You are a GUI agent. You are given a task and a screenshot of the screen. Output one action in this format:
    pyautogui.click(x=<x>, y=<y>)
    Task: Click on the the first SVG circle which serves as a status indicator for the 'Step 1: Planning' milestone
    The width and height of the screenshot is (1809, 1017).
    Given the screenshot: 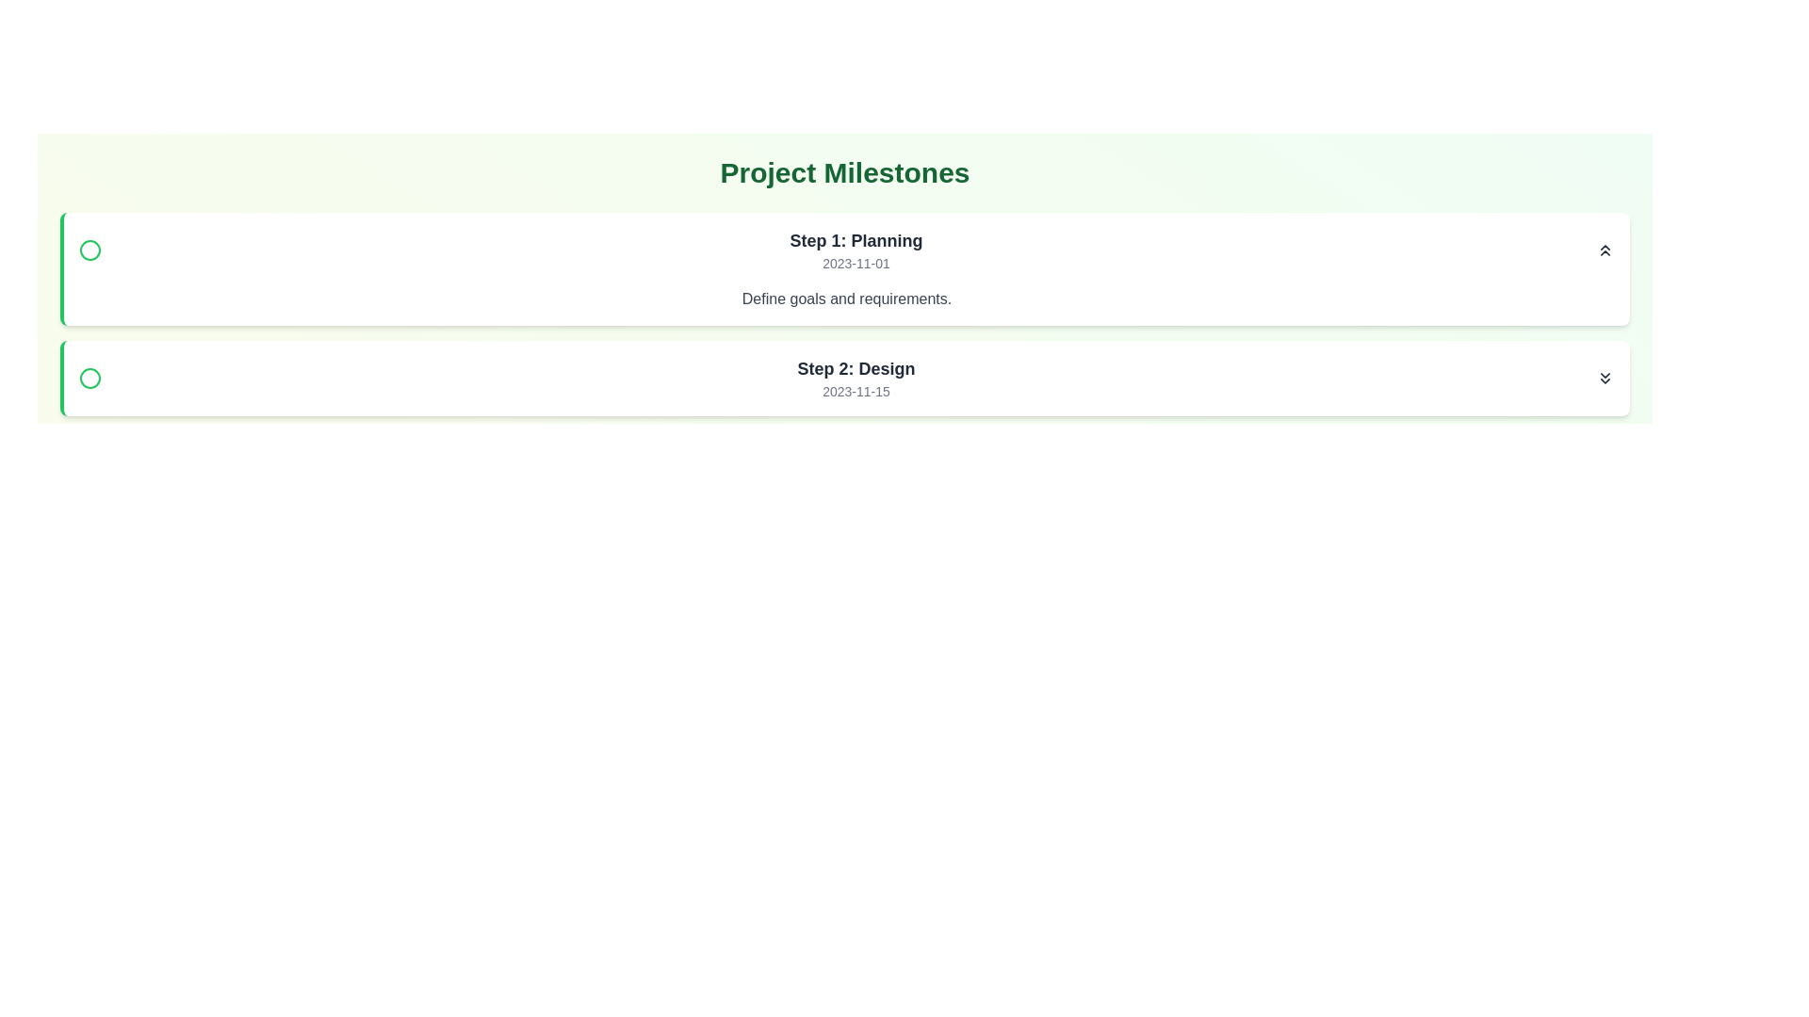 What is the action you would take?
    pyautogui.click(x=90, y=250)
    